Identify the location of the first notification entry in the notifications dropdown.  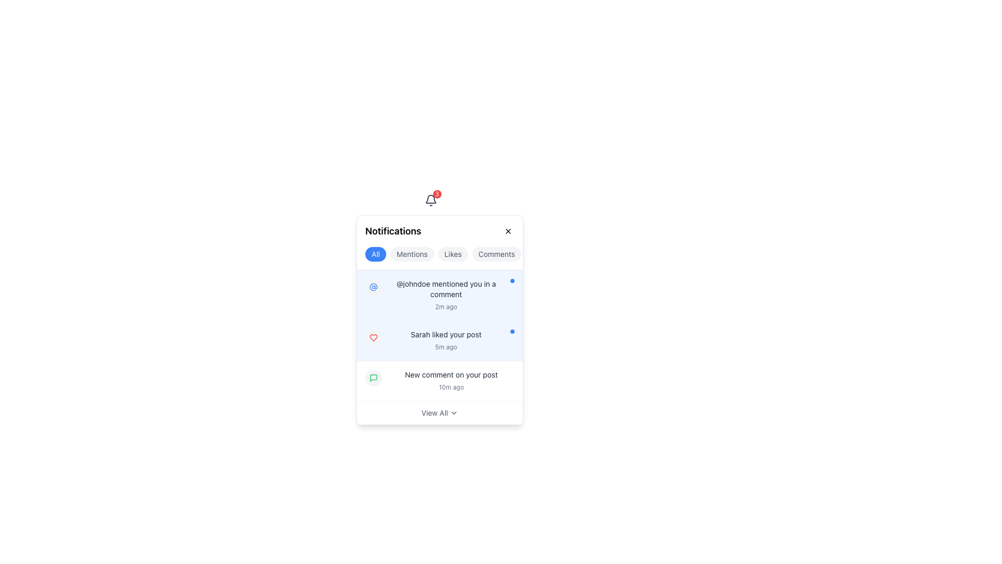
(440, 296).